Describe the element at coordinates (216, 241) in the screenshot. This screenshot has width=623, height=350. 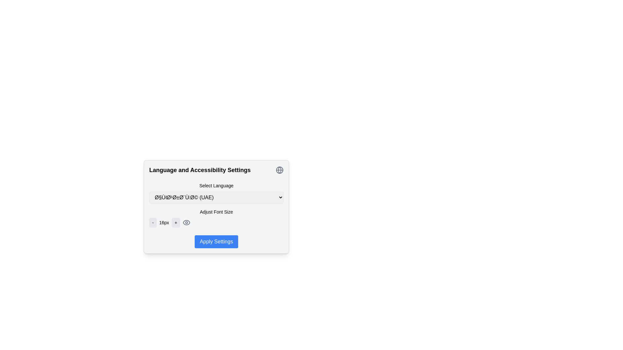
I see `the 'Apply' button located at the bottom of the 'Language and Accessibility Settings' section to apply the changes made in the settings, such as language selection or font size adjustment` at that location.